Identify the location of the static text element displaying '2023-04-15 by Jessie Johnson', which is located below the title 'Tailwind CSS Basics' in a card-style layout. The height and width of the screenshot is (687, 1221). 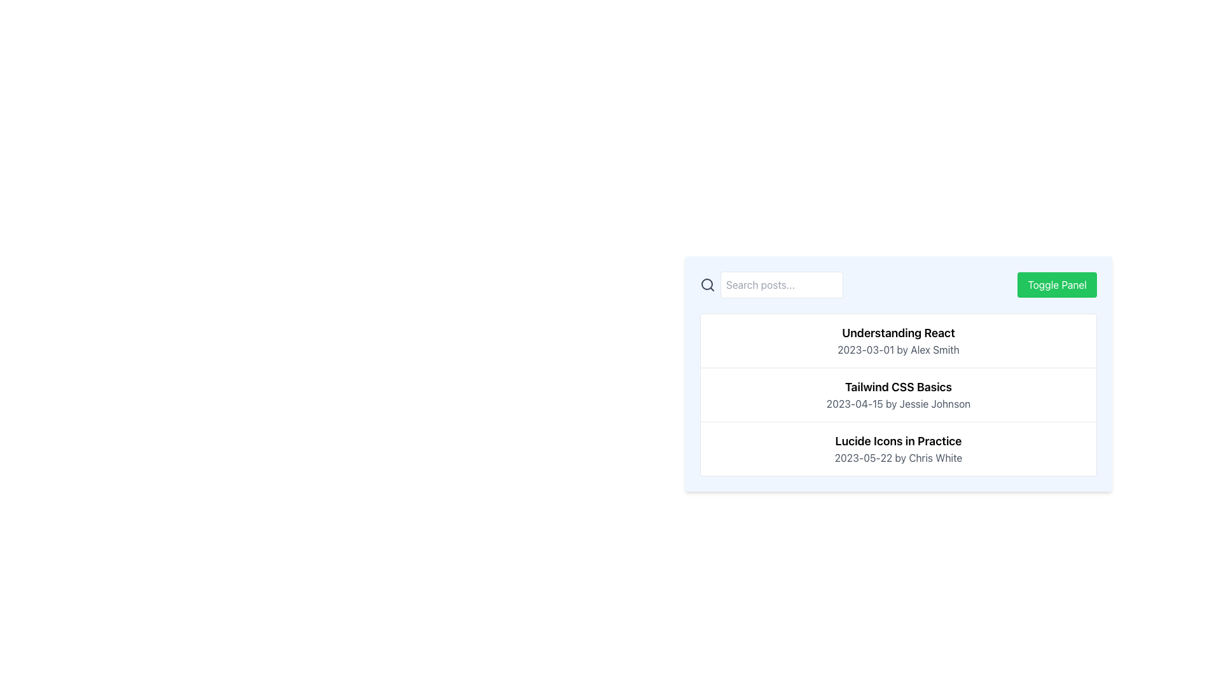
(897, 404).